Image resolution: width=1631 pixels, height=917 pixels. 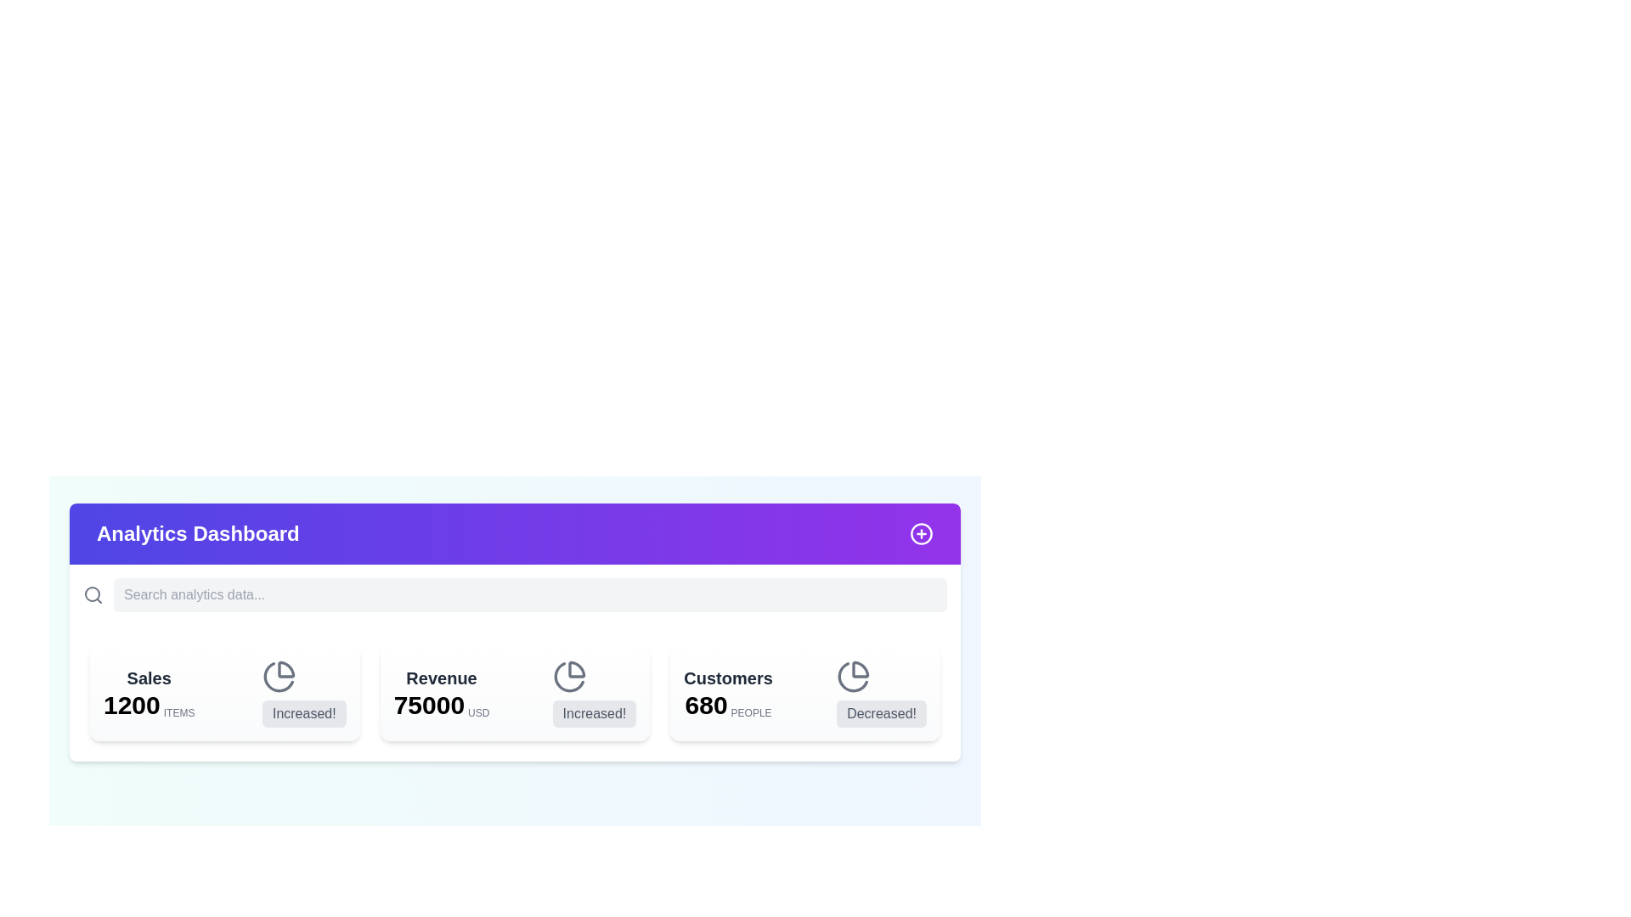 I want to click on the bold, prominent label displaying 'Customers' at the top of the metrics block on the right-most column, so click(x=728, y=677).